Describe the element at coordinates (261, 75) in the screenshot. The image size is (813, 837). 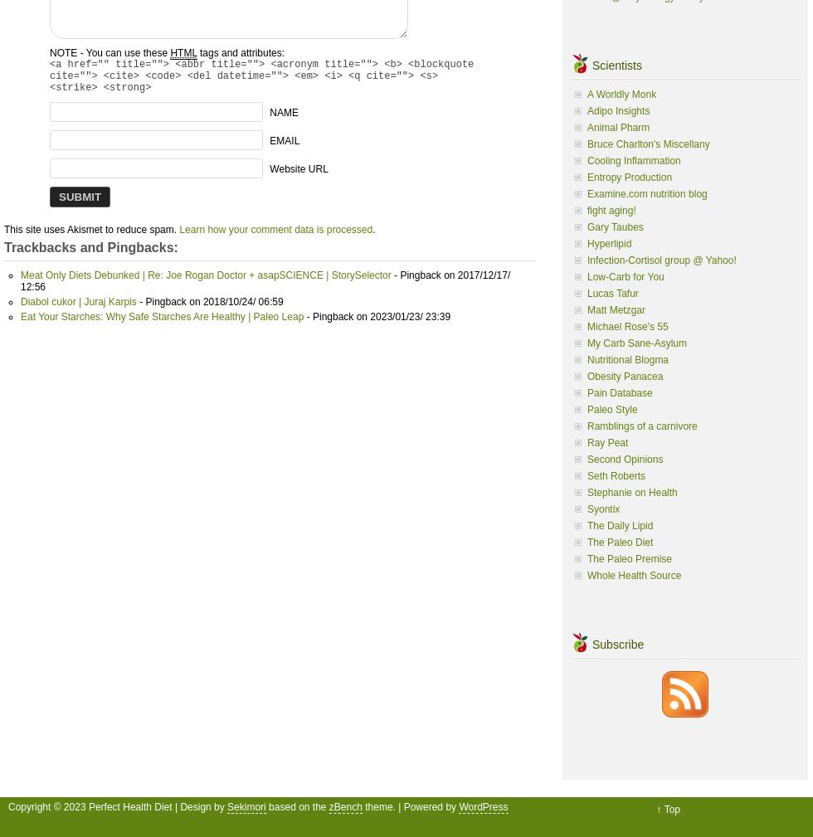
I see `'<a href="" title=""> <abbr title=""> <acronym title=""> <b> <blockquote cite=""> <cite> <code> <del datetime=""> <em> <i> <q cite=""> <s> <strike> <strong>'` at that location.